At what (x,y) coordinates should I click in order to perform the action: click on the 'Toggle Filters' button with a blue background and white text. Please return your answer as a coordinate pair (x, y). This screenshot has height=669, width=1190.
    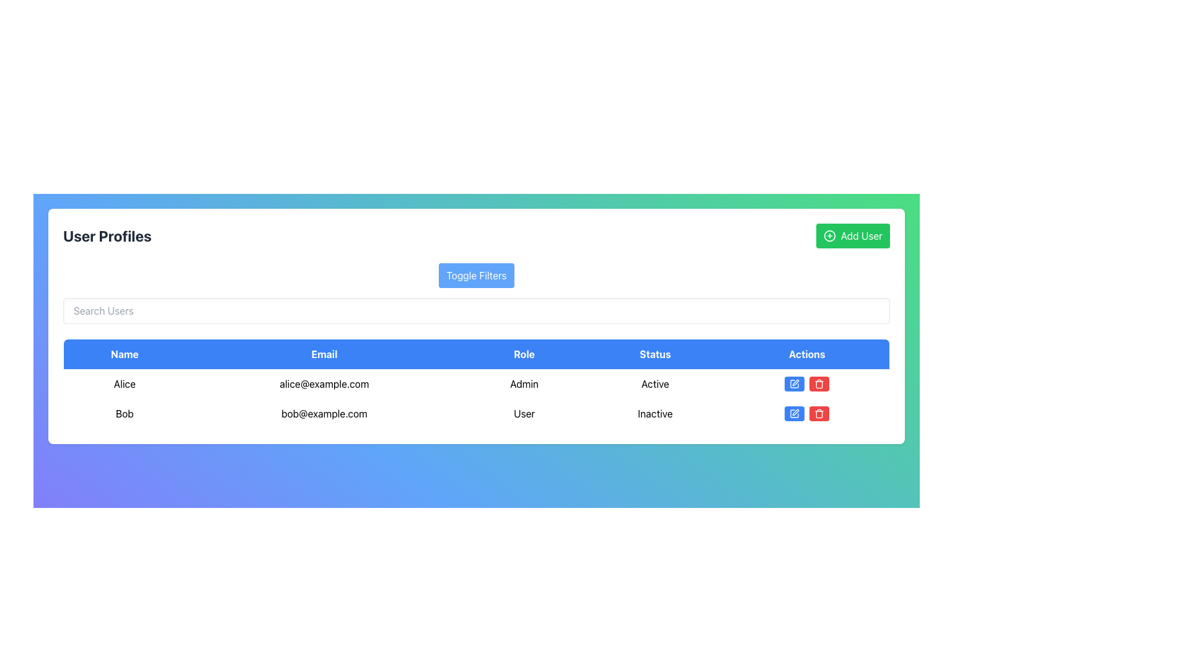
    Looking at the image, I should click on (475, 274).